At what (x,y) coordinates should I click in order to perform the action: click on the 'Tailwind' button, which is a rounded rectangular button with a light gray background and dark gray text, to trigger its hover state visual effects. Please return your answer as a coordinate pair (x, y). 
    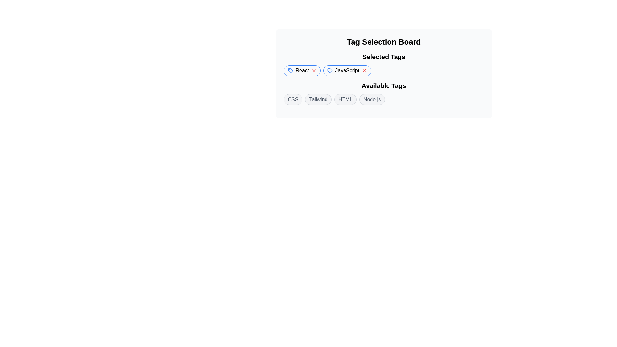
    Looking at the image, I should click on (318, 99).